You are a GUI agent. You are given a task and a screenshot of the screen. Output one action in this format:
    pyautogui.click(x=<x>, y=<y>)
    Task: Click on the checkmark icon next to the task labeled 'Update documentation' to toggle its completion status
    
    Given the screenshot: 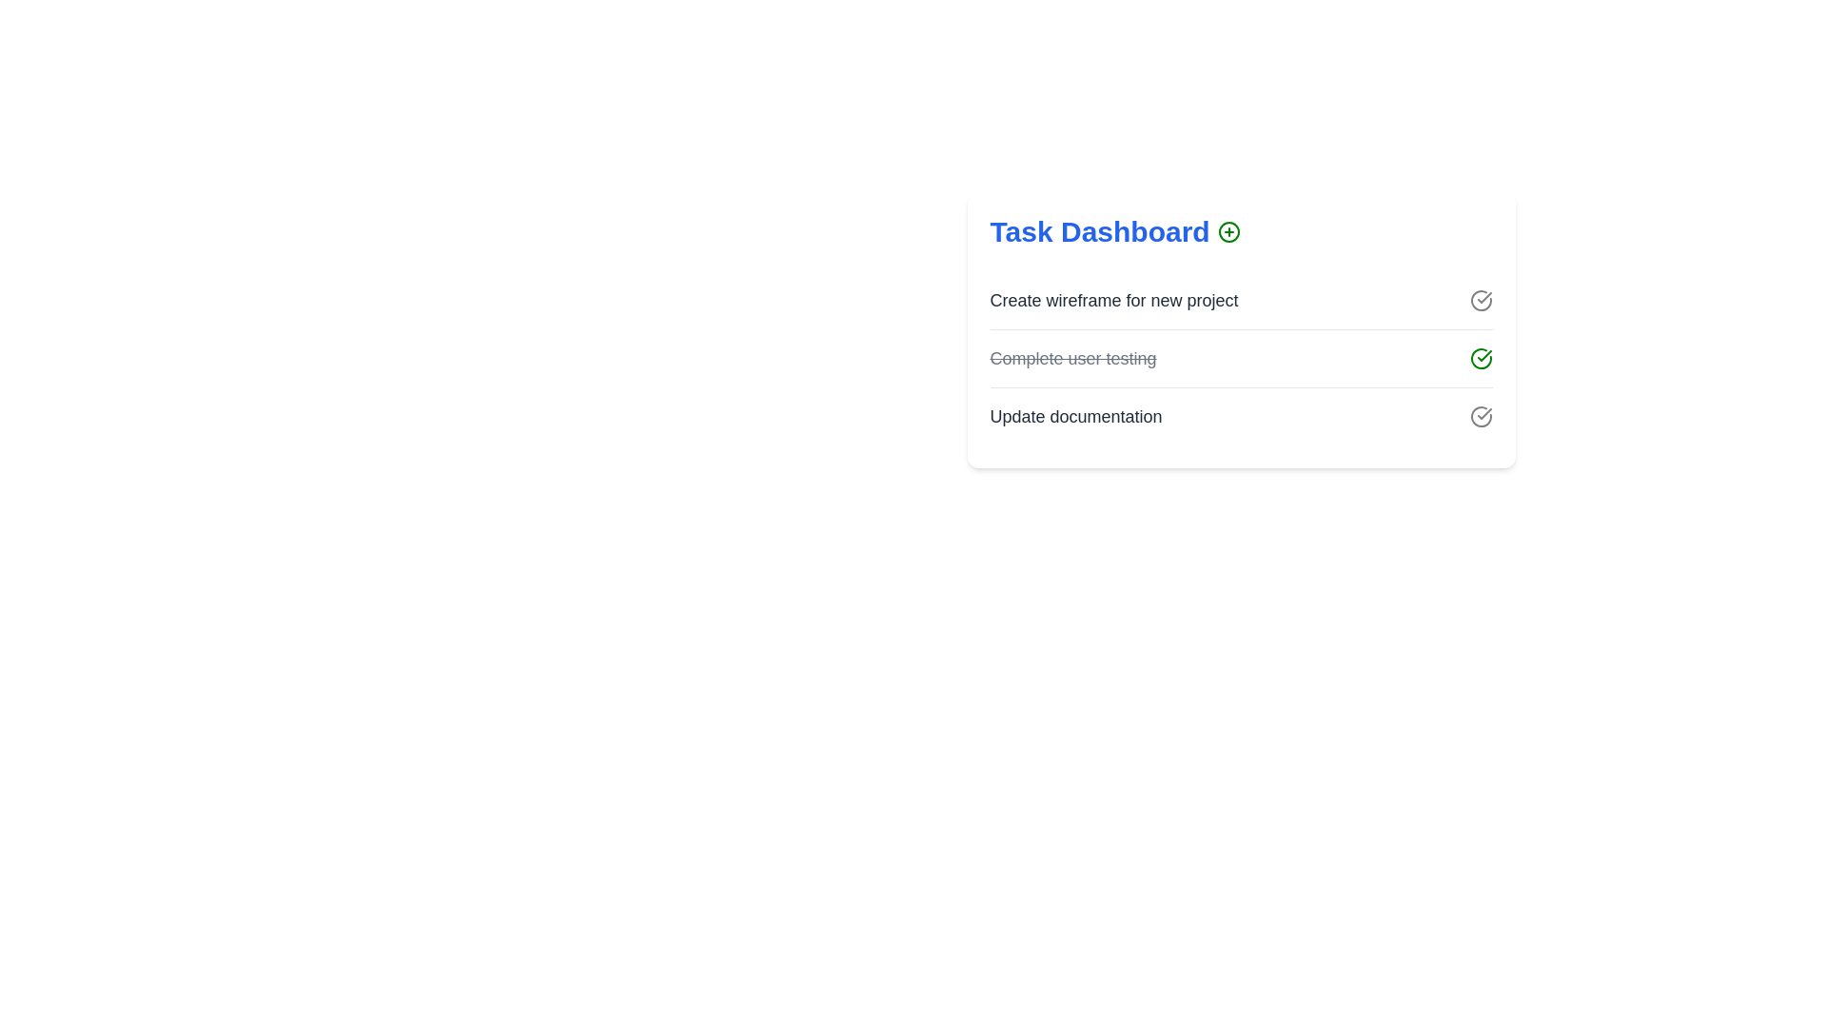 What is the action you would take?
    pyautogui.click(x=1480, y=416)
    